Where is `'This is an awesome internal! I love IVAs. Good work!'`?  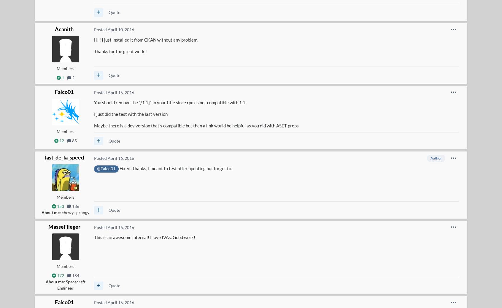 'This is an awesome internal! I love IVAs. Good work!' is located at coordinates (144, 237).